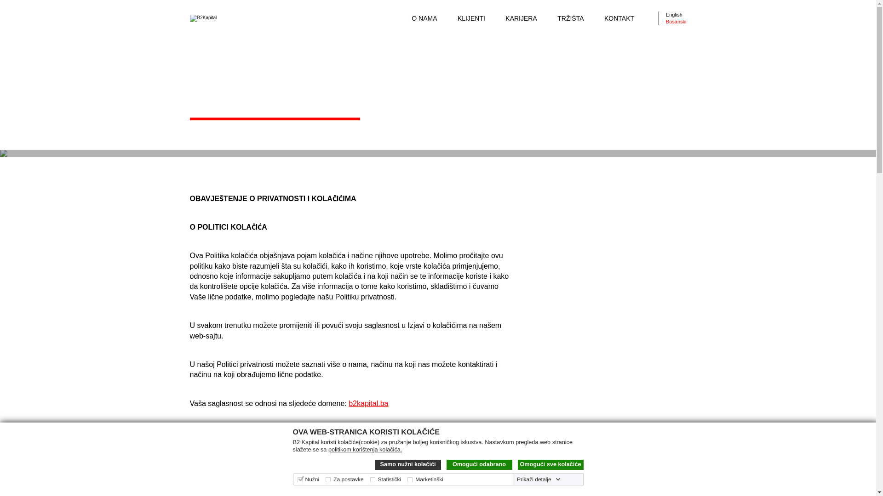 The image size is (883, 496). Describe the element at coordinates (471, 18) in the screenshot. I see `'KLIJENTI'` at that location.